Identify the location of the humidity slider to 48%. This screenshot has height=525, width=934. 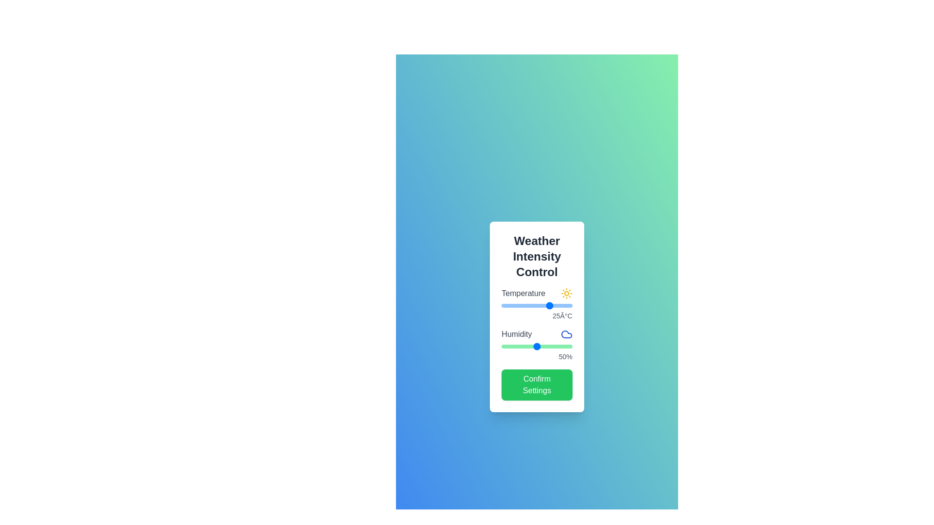
(535, 346).